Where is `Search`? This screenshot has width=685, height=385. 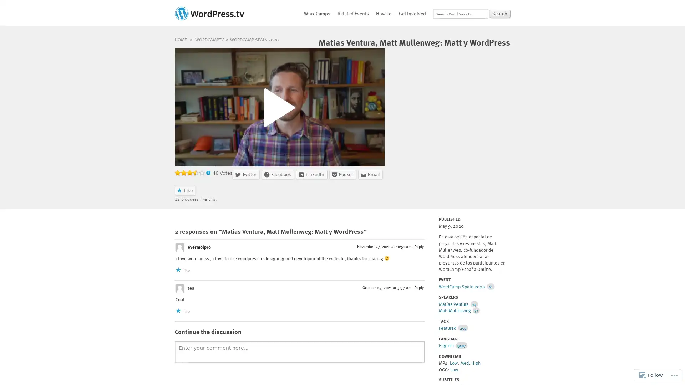
Search is located at coordinates (499, 14).